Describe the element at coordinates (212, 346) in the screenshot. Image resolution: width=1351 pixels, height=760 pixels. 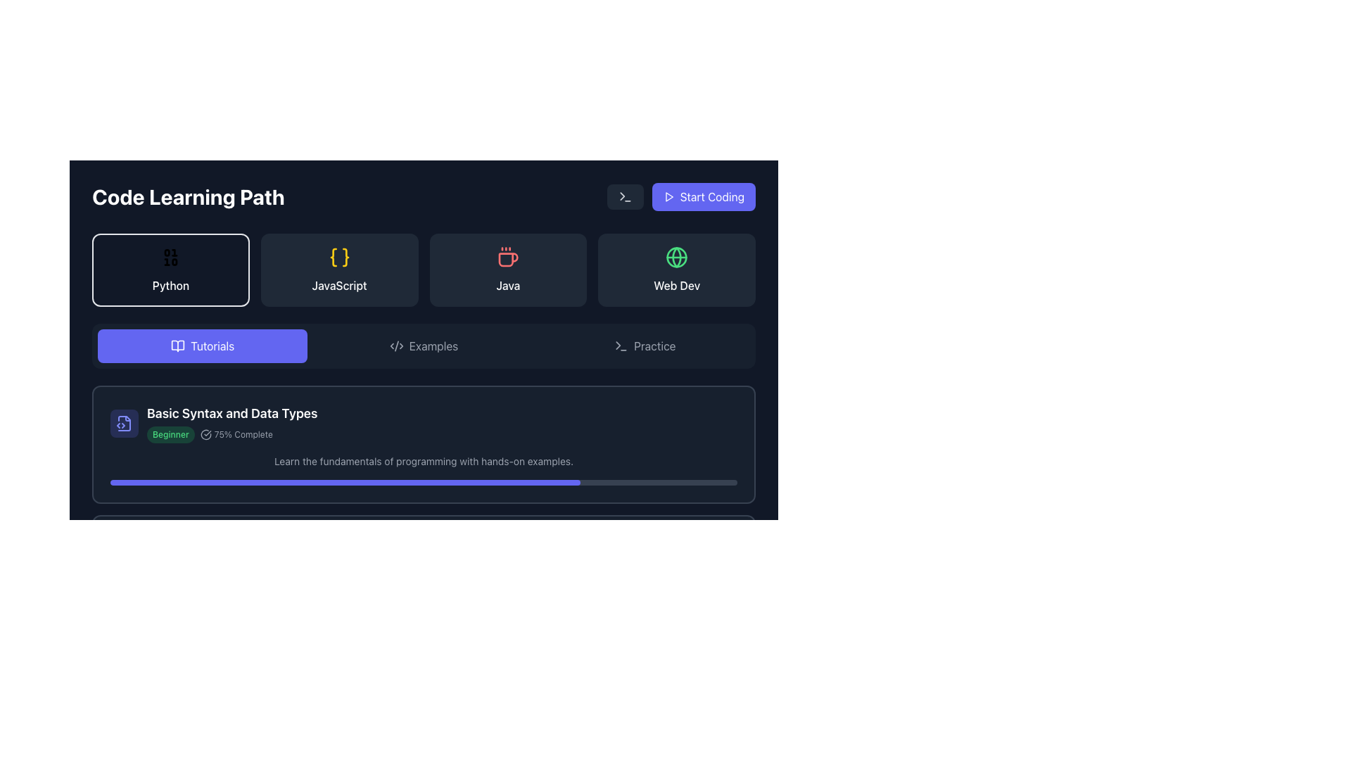
I see `the 'Tutorials' text label, which indicates the purpose of the button directing users to the 'Tutorials' section` at that location.